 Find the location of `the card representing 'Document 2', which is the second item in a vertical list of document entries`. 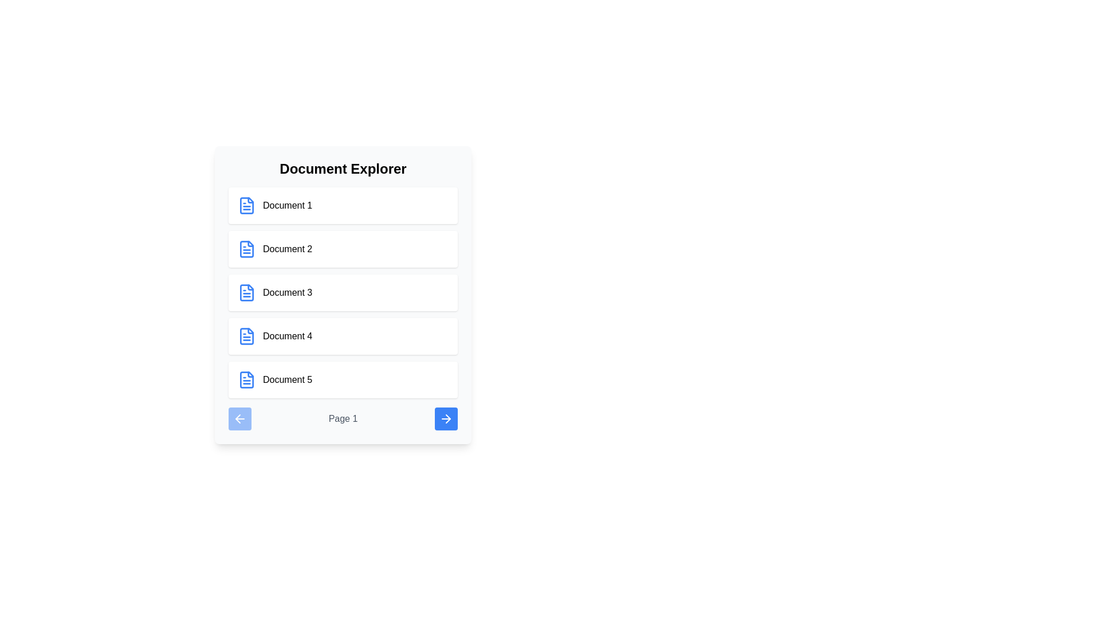

the card representing 'Document 2', which is the second item in a vertical list of document entries is located at coordinates (343, 249).